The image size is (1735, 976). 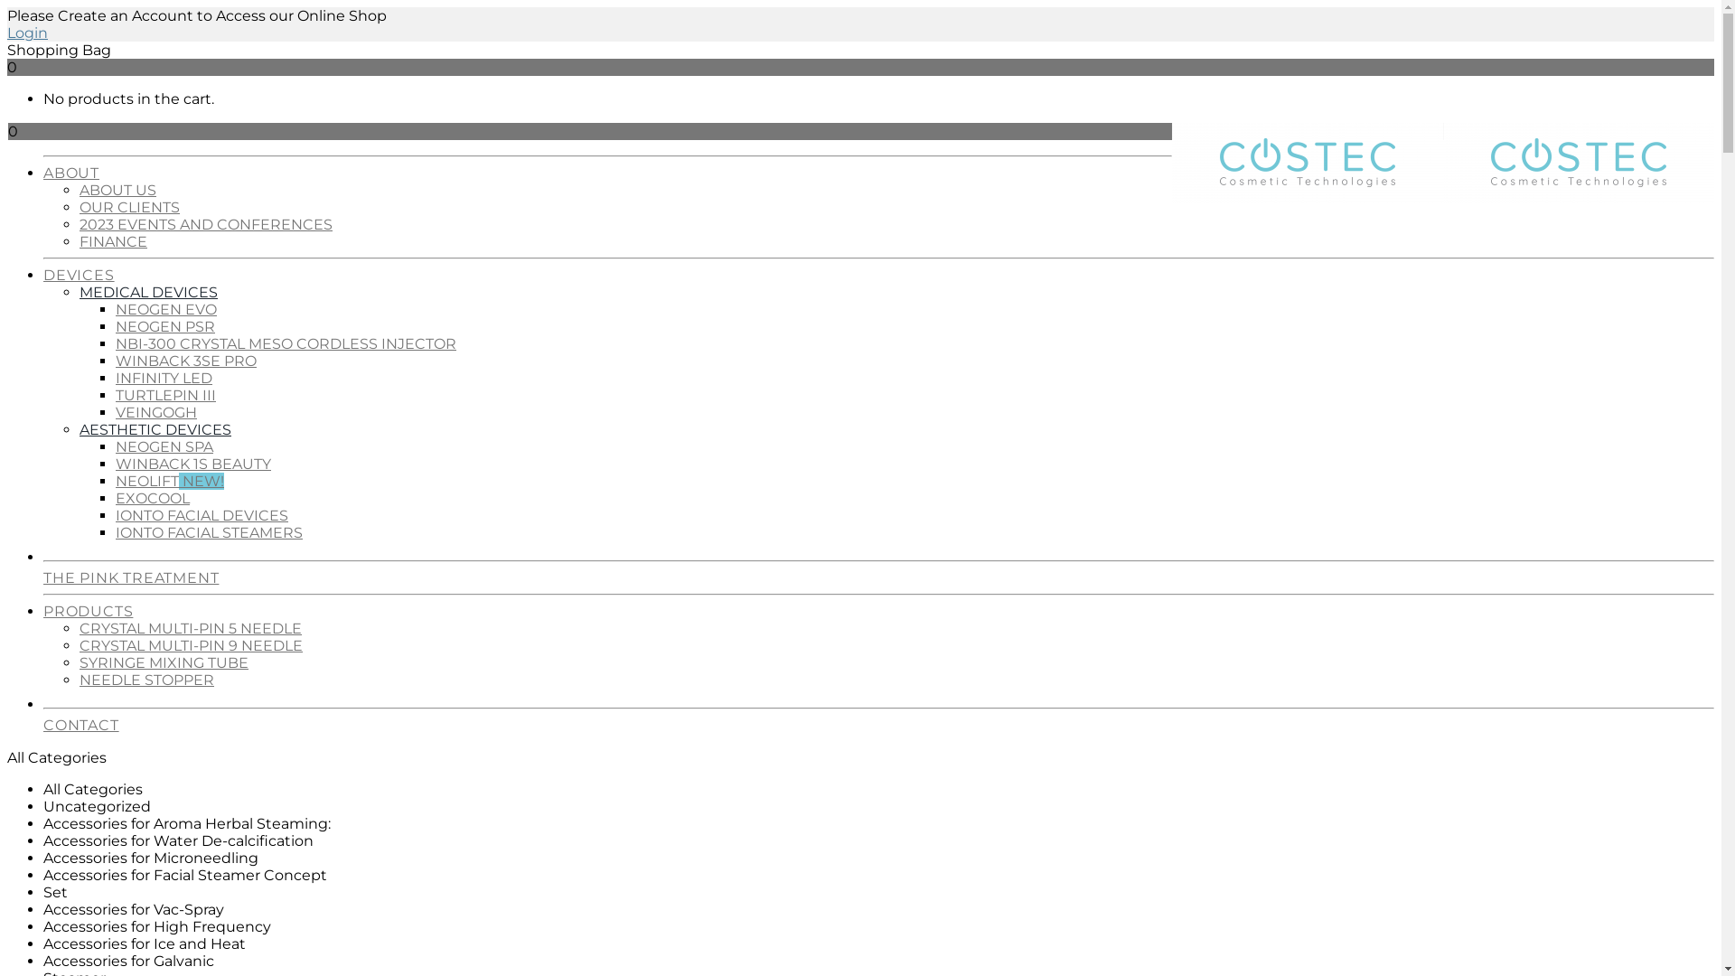 What do you see at coordinates (191, 627) in the screenshot?
I see `'CRYSTAL MULTI-PIN 5 NEEDLE'` at bounding box center [191, 627].